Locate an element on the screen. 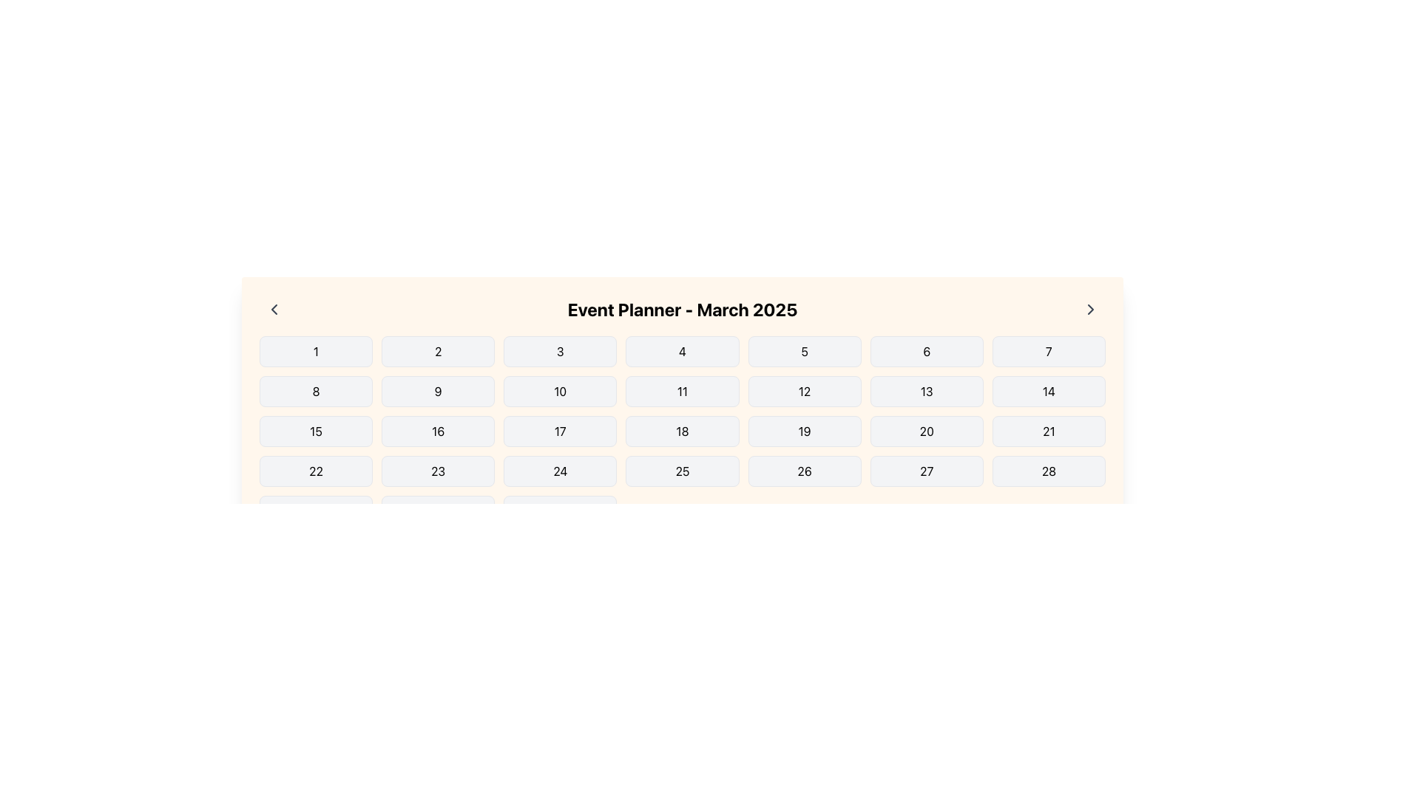 This screenshot has height=798, width=1420. the static text displaying the number '21' in the calendar grid, located in the fourth row and third column is located at coordinates (1048, 431).